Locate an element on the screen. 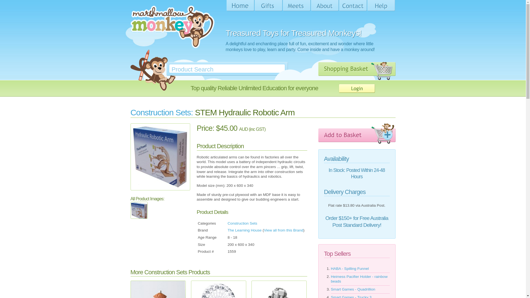 This screenshot has height=298, width=530. 'The Learning House' is located at coordinates (244, 230).